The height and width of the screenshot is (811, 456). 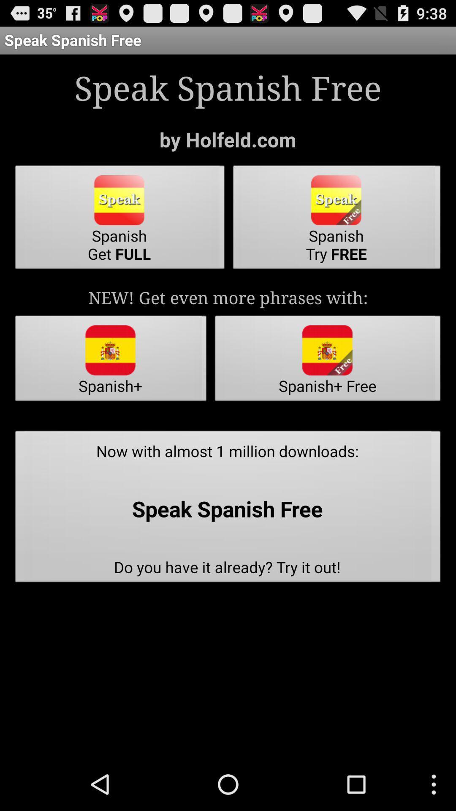 I want to click on spanish, so click(x=120, y=220).